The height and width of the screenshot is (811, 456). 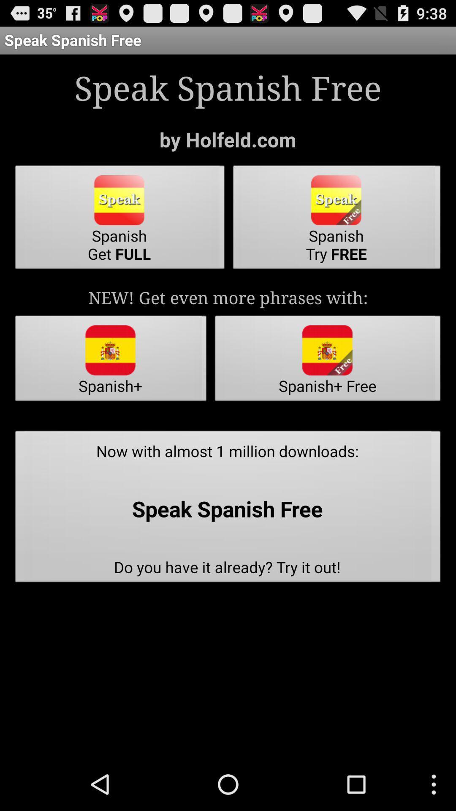 I want to click on spanish, so click(x=120, y=220).